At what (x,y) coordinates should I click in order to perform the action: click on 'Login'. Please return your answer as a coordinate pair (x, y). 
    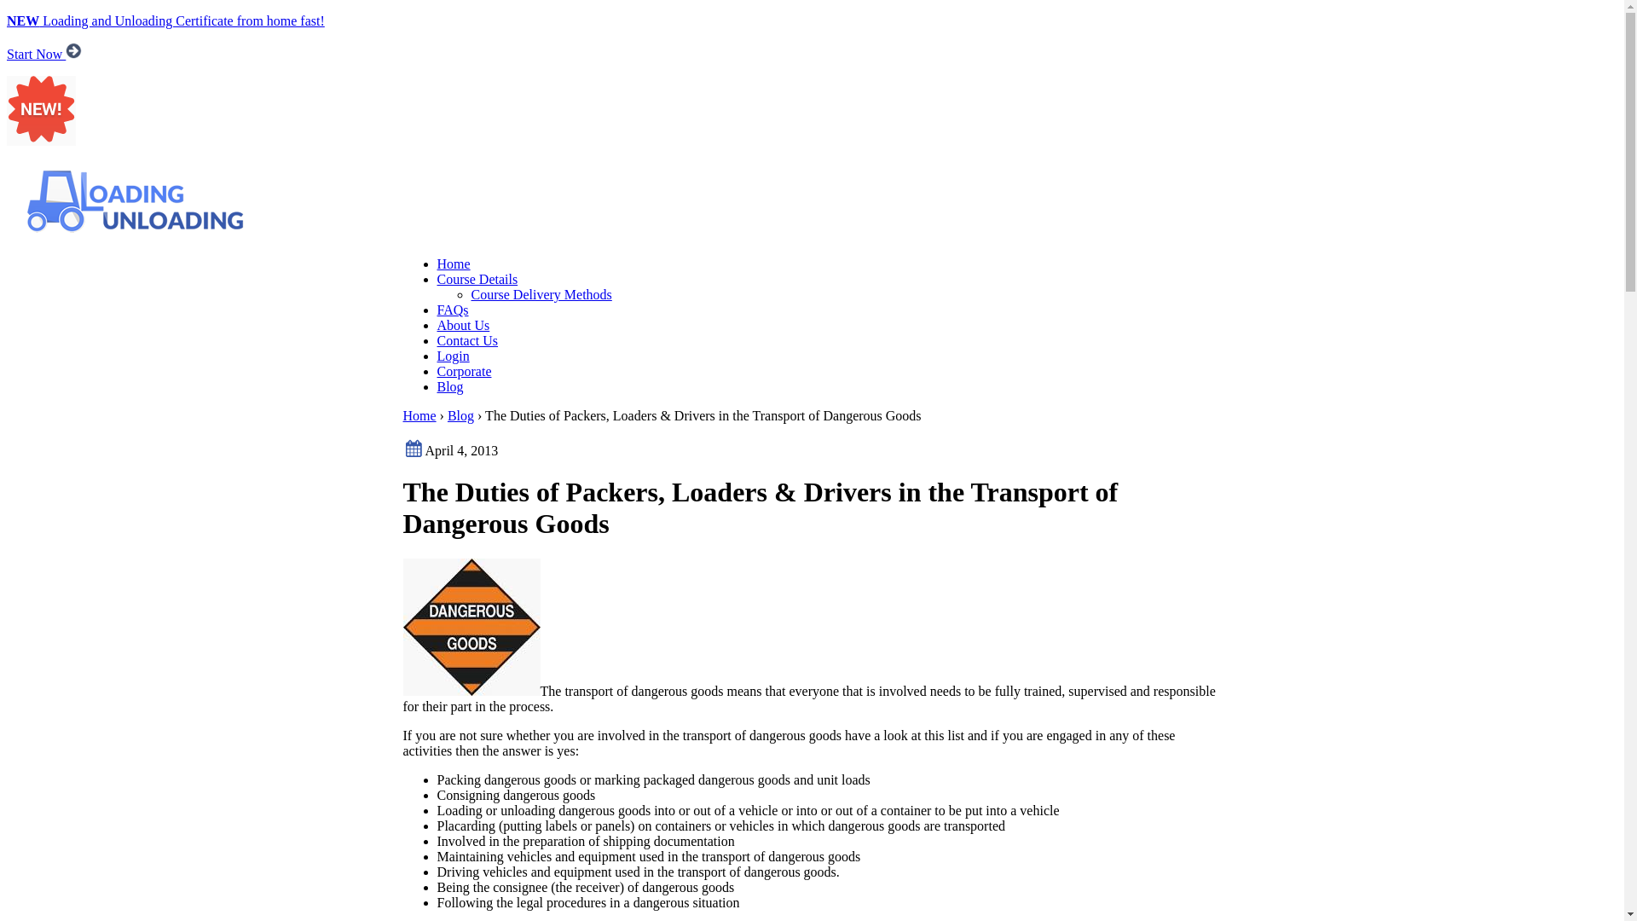
    Looking at the image, I should click on (437, 355).